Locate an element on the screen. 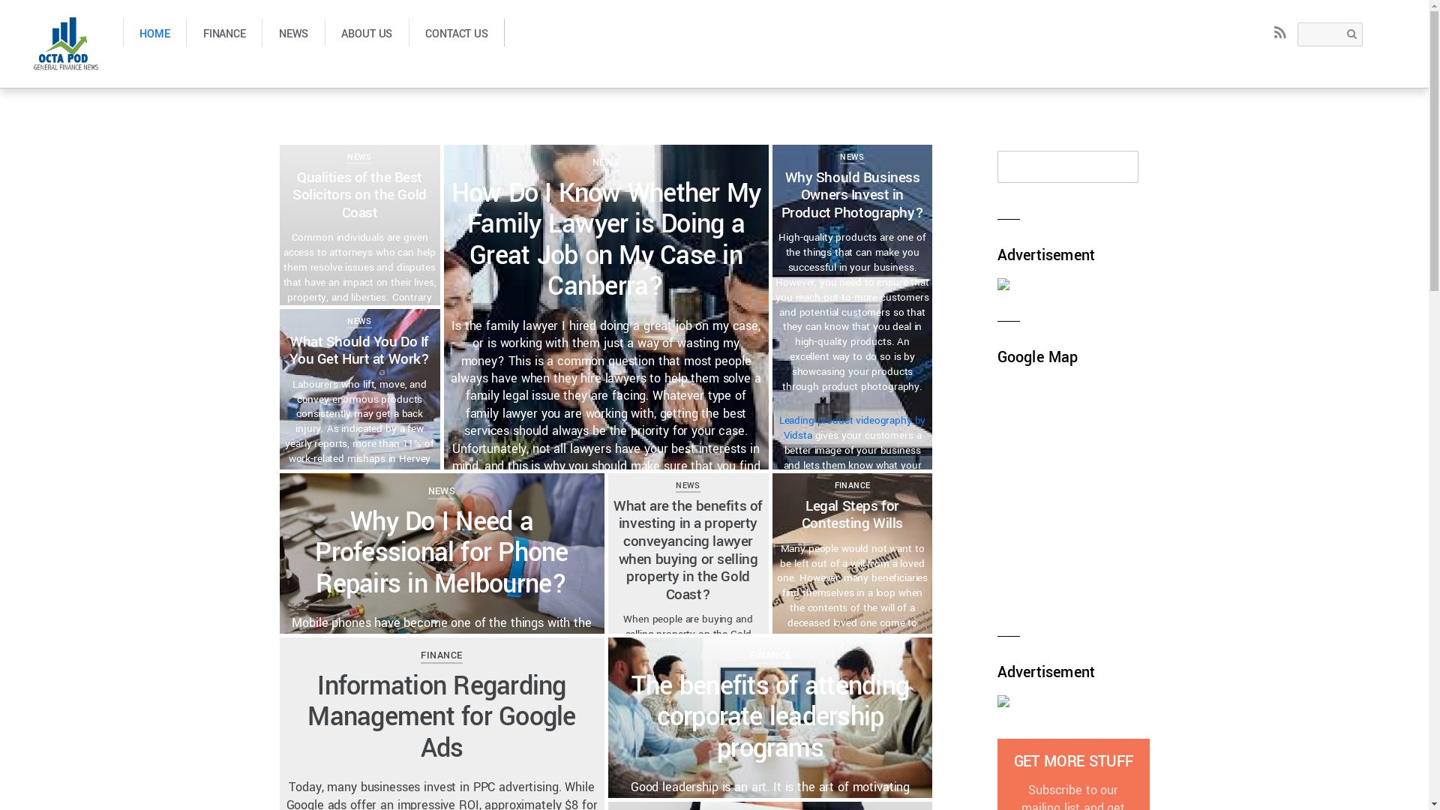 Image resolution: width=1440 pixels, height=810 pixels. 'NEWS' is located at coordinates (606, 162).